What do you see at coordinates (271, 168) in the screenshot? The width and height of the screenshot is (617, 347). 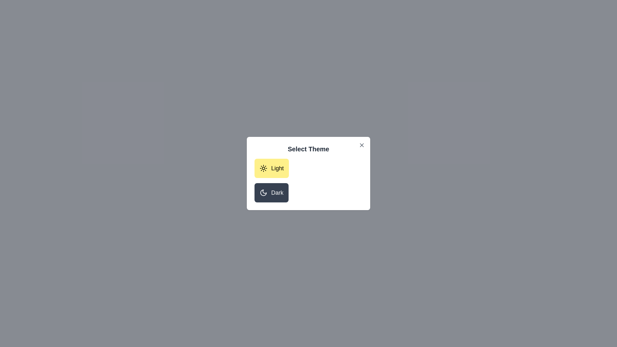 I see `the theme Light by clicking on the corresponding button` at bounding box center [271, 168].